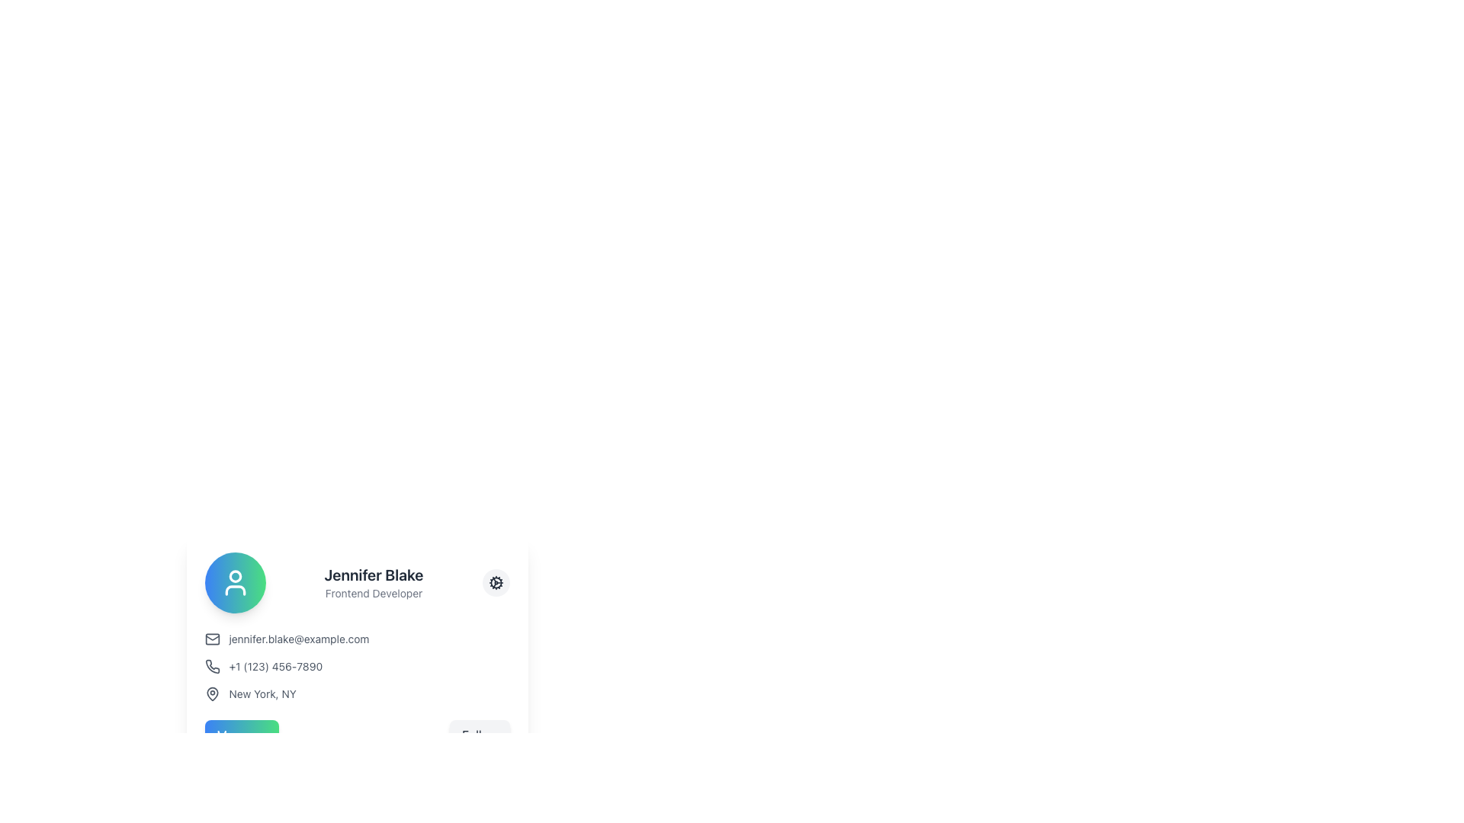  I want to click on the 'Follow' button located at the bottom-right corner of the user details UI card, so click(479, 734).